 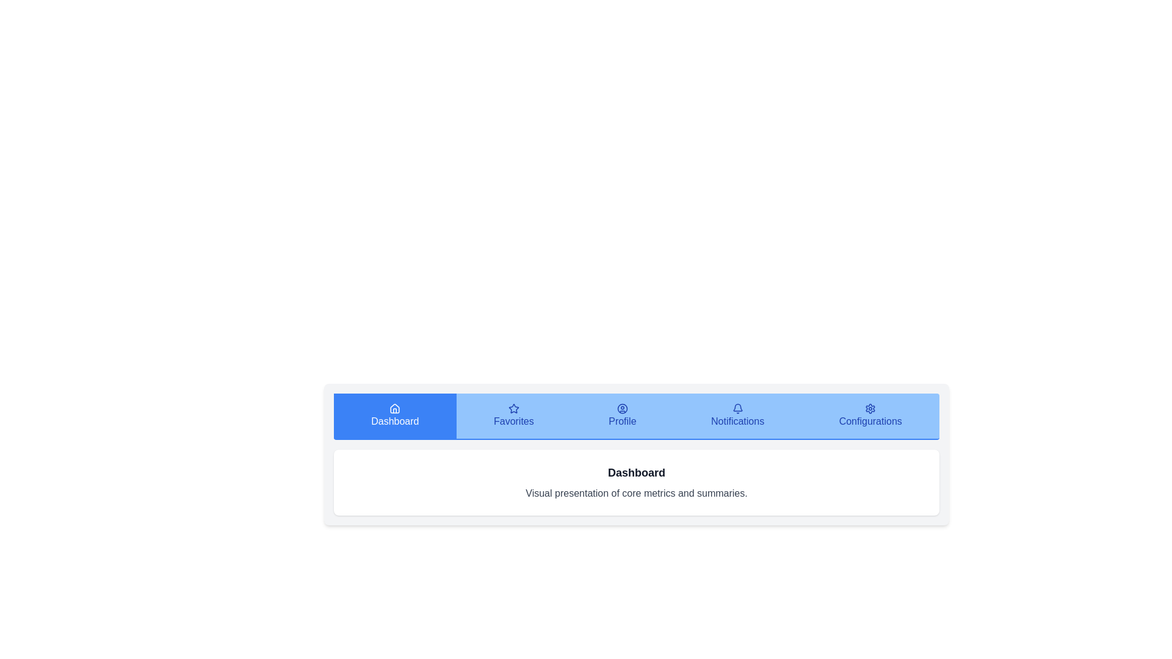 What do you see at coordinates (869, 416) in the screenshot?
I see `the tab corresponding to Configurations` at bounding box center [869, 416].